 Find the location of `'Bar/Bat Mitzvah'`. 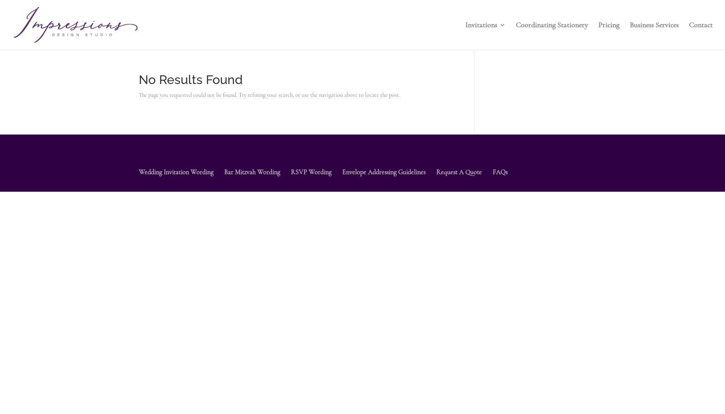

'Bar/Bat Mitzvah' is located at coordinates (506, 84).